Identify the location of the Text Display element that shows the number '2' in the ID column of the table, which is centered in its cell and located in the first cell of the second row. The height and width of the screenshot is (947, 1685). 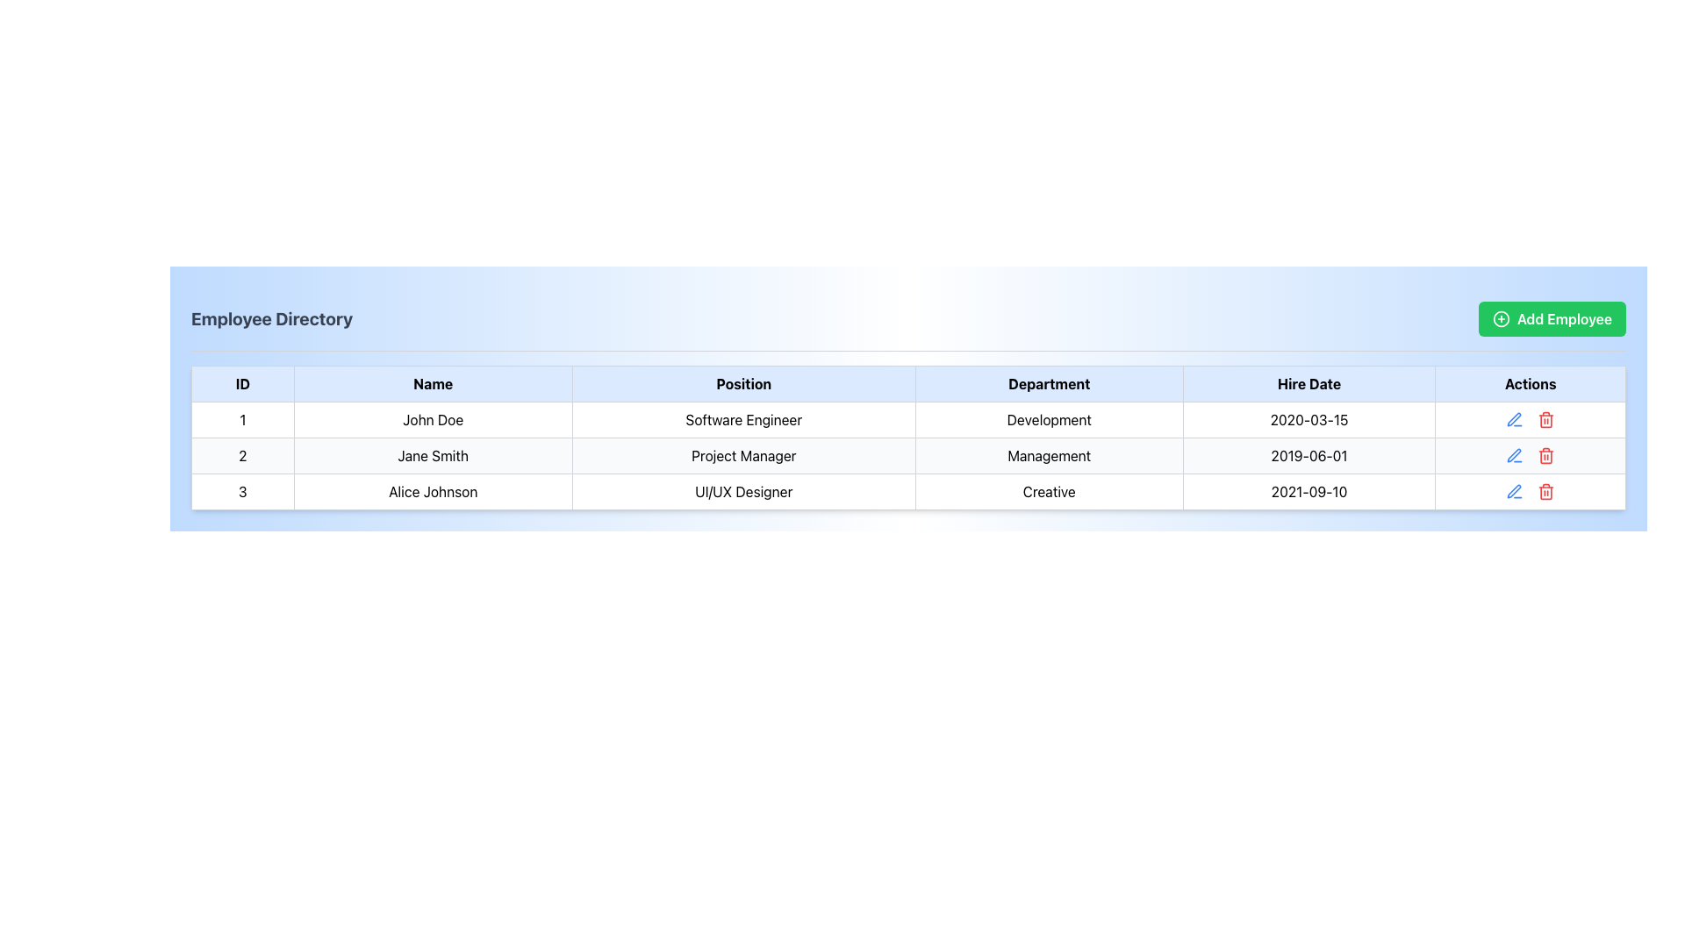
(241, 455).